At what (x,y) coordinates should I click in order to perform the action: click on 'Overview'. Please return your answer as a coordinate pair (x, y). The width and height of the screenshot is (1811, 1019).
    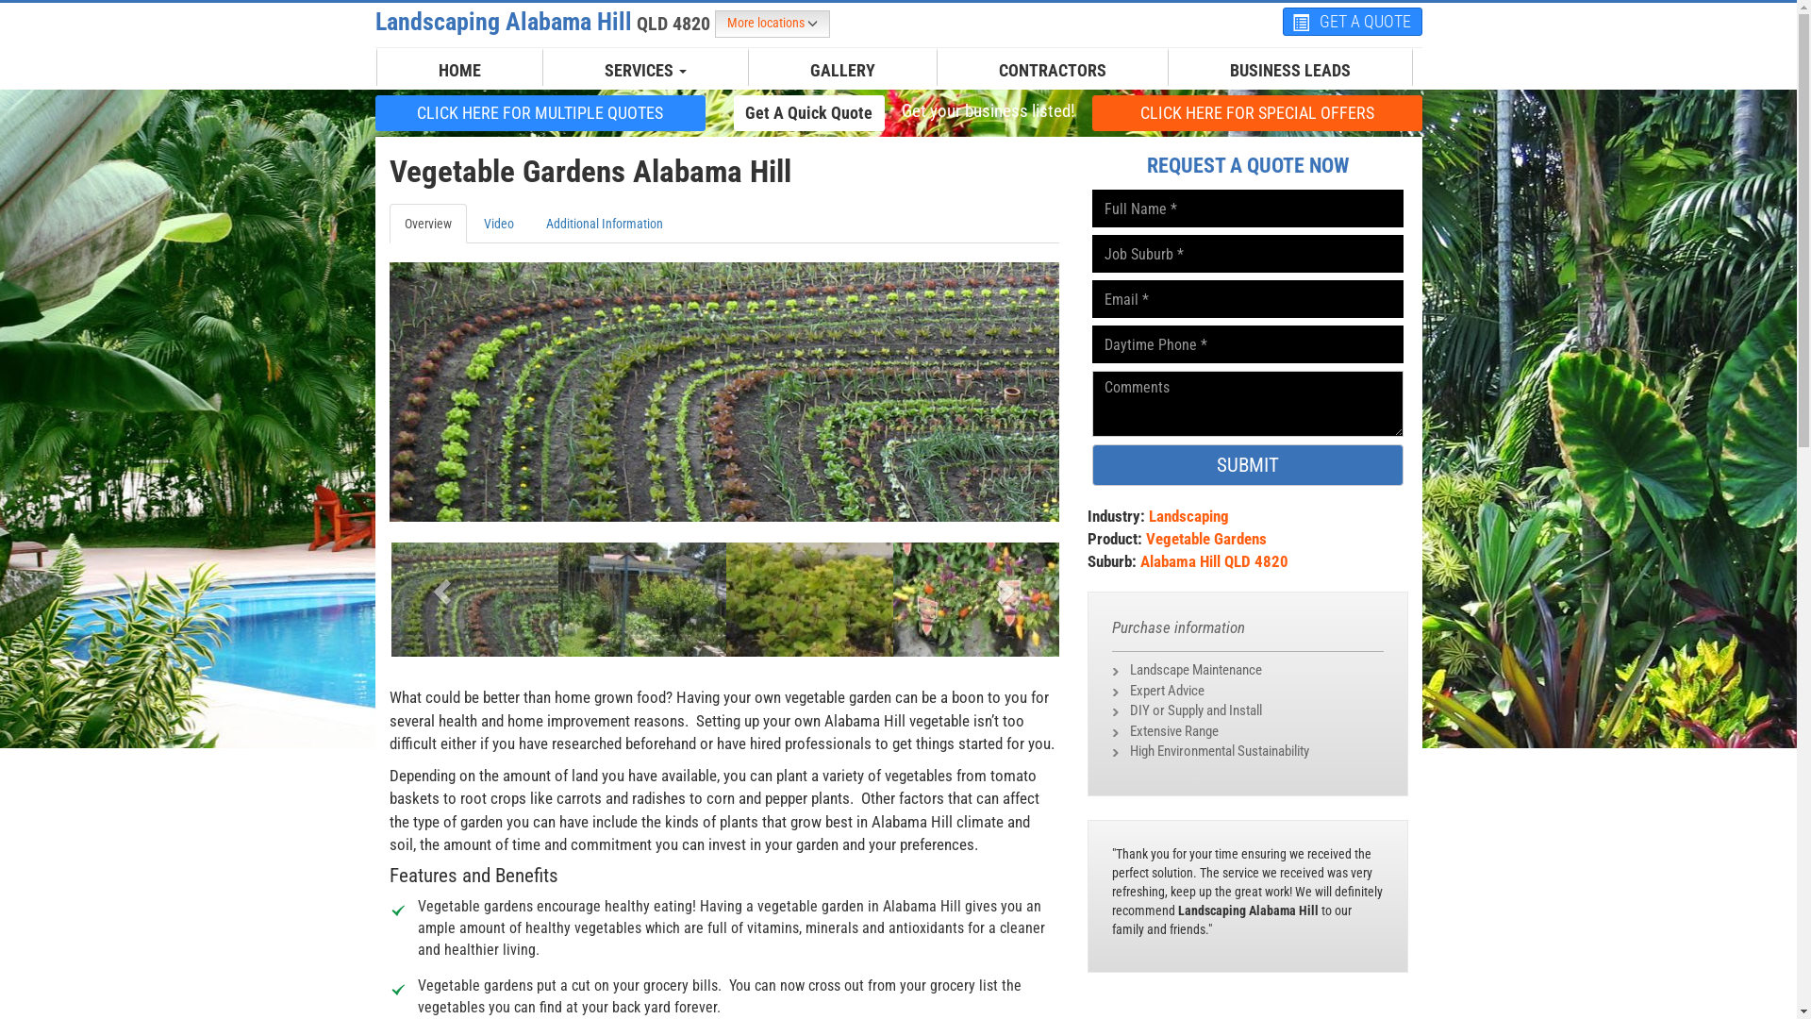
    Looking at the image, I should click on (425, 222).